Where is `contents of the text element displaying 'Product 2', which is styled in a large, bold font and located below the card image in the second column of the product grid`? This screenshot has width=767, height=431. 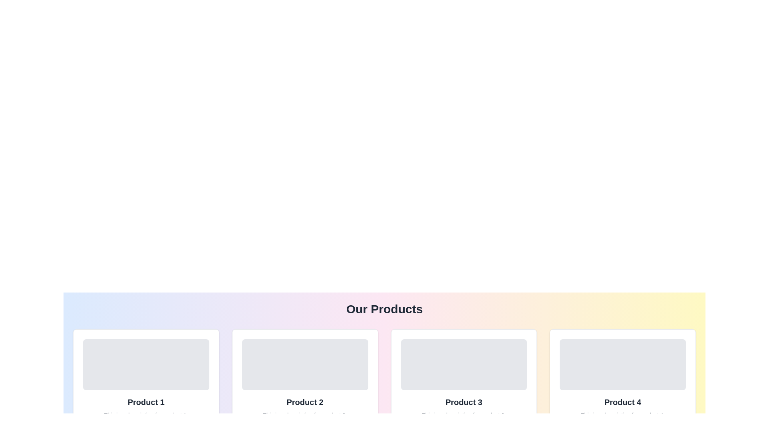
contents of the text element displaying 'Product 2', which is styled in a large, bold font and located below the card image in the second column of the product grid is located at coordinates (304, 402).